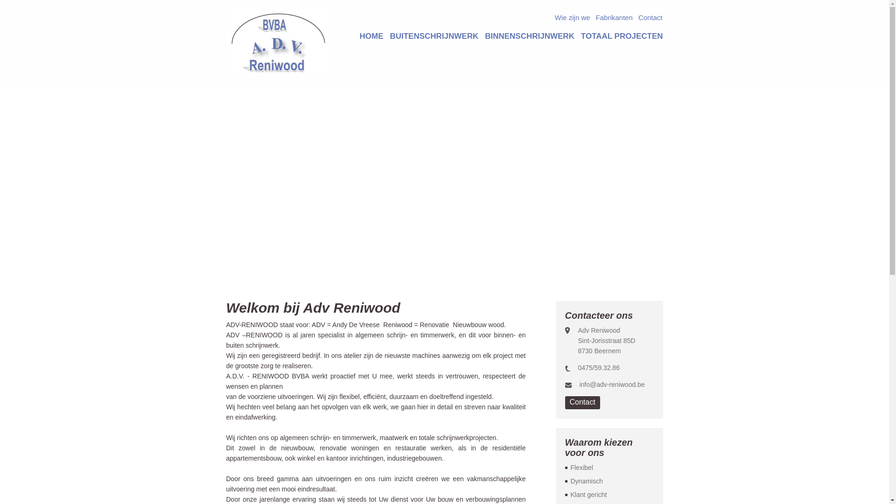 Image resolution: width=896 pixels, height=504 pixels. I want to click on 'Contact', so click(650, 19).